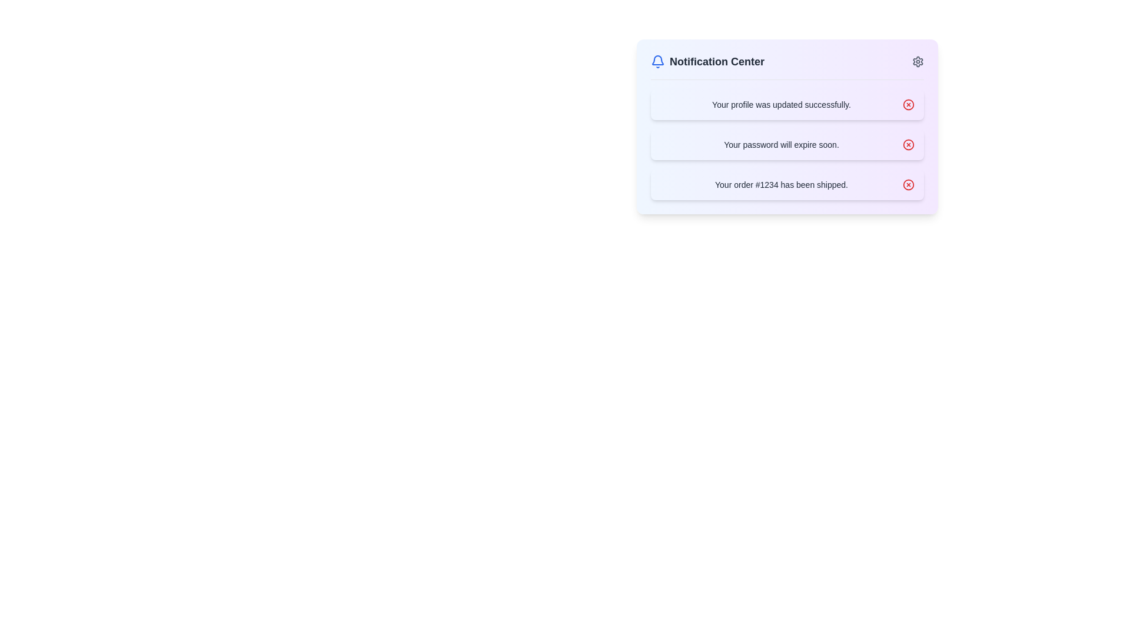 The width and height of the screenshot is (1130, 636). Describe the element at coordinates (657, 61) in the screenshot. I see `the bell icon located at the start of the header section labeled 'Notification Center'` at that location.